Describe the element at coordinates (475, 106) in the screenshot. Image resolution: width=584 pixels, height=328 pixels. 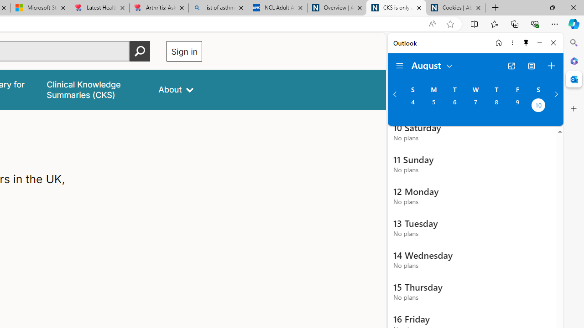
I see `'Wednesday, August 7, 2024. '` at that location.